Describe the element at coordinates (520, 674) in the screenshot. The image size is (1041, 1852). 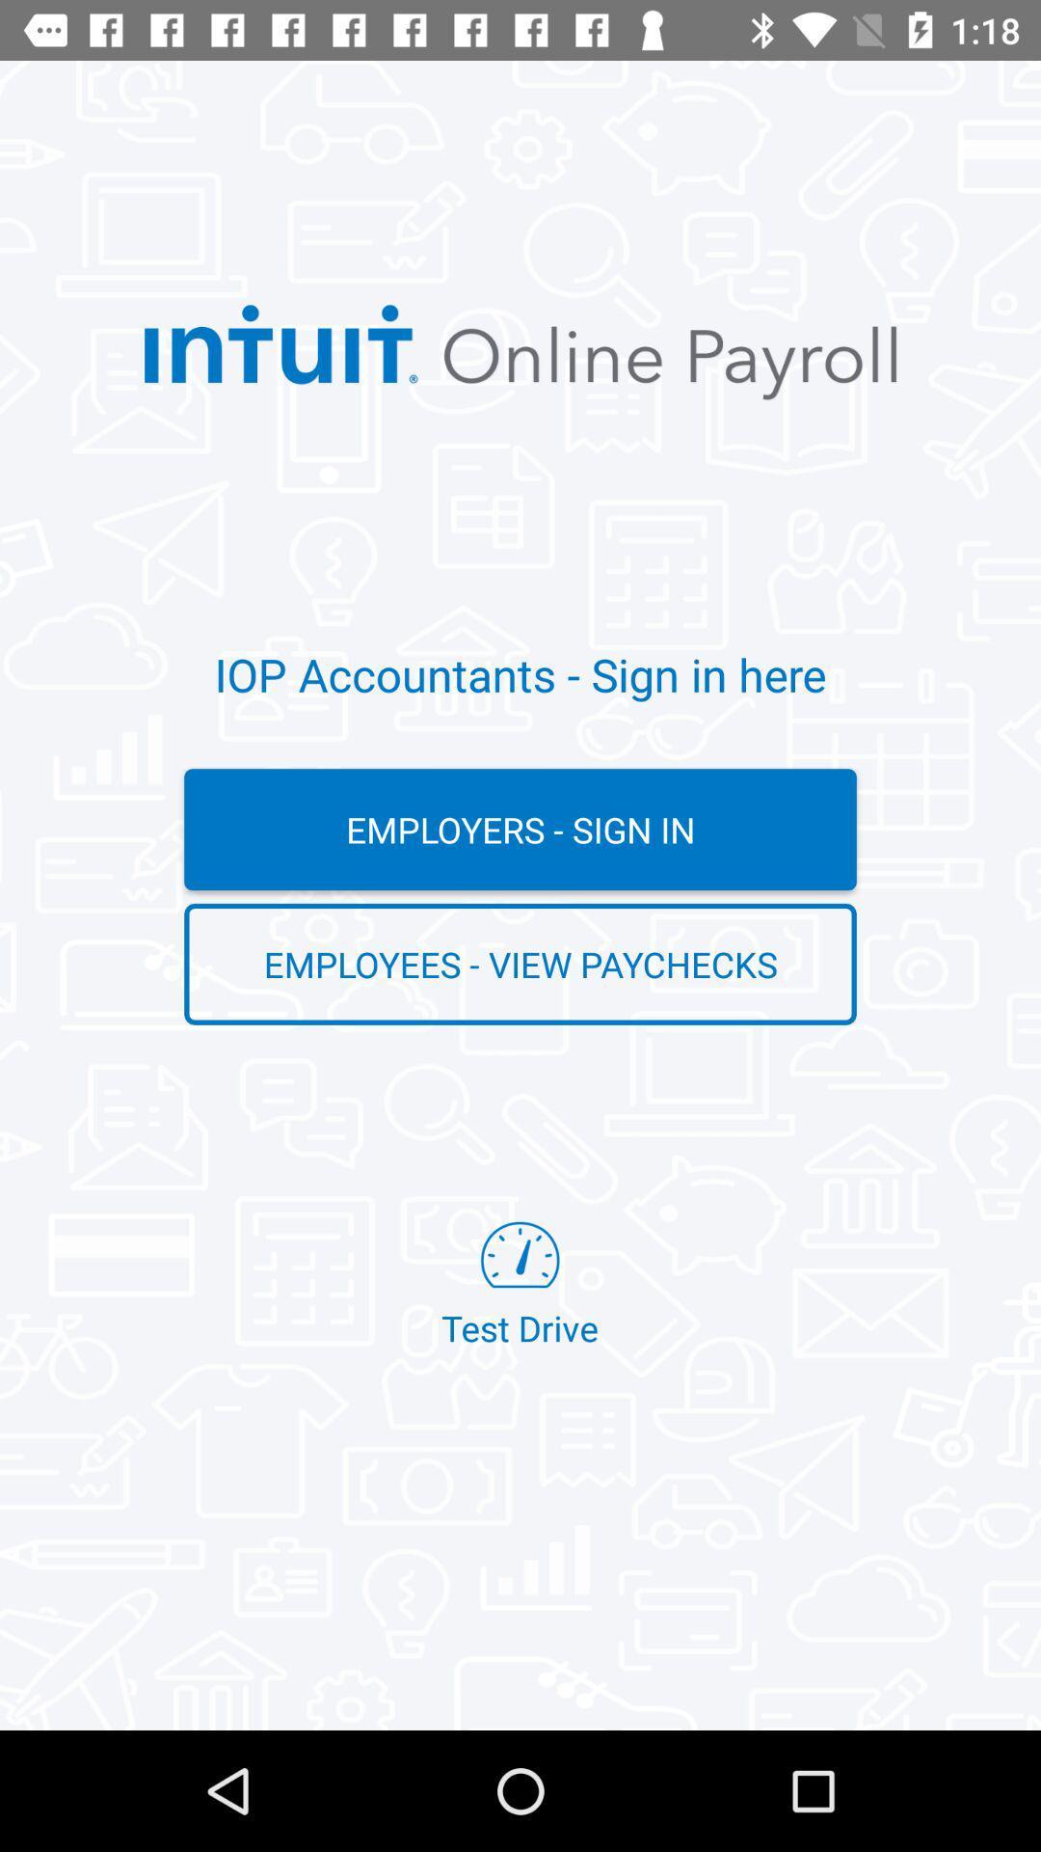
I see `the icon above the employers - sign in item` at that location.